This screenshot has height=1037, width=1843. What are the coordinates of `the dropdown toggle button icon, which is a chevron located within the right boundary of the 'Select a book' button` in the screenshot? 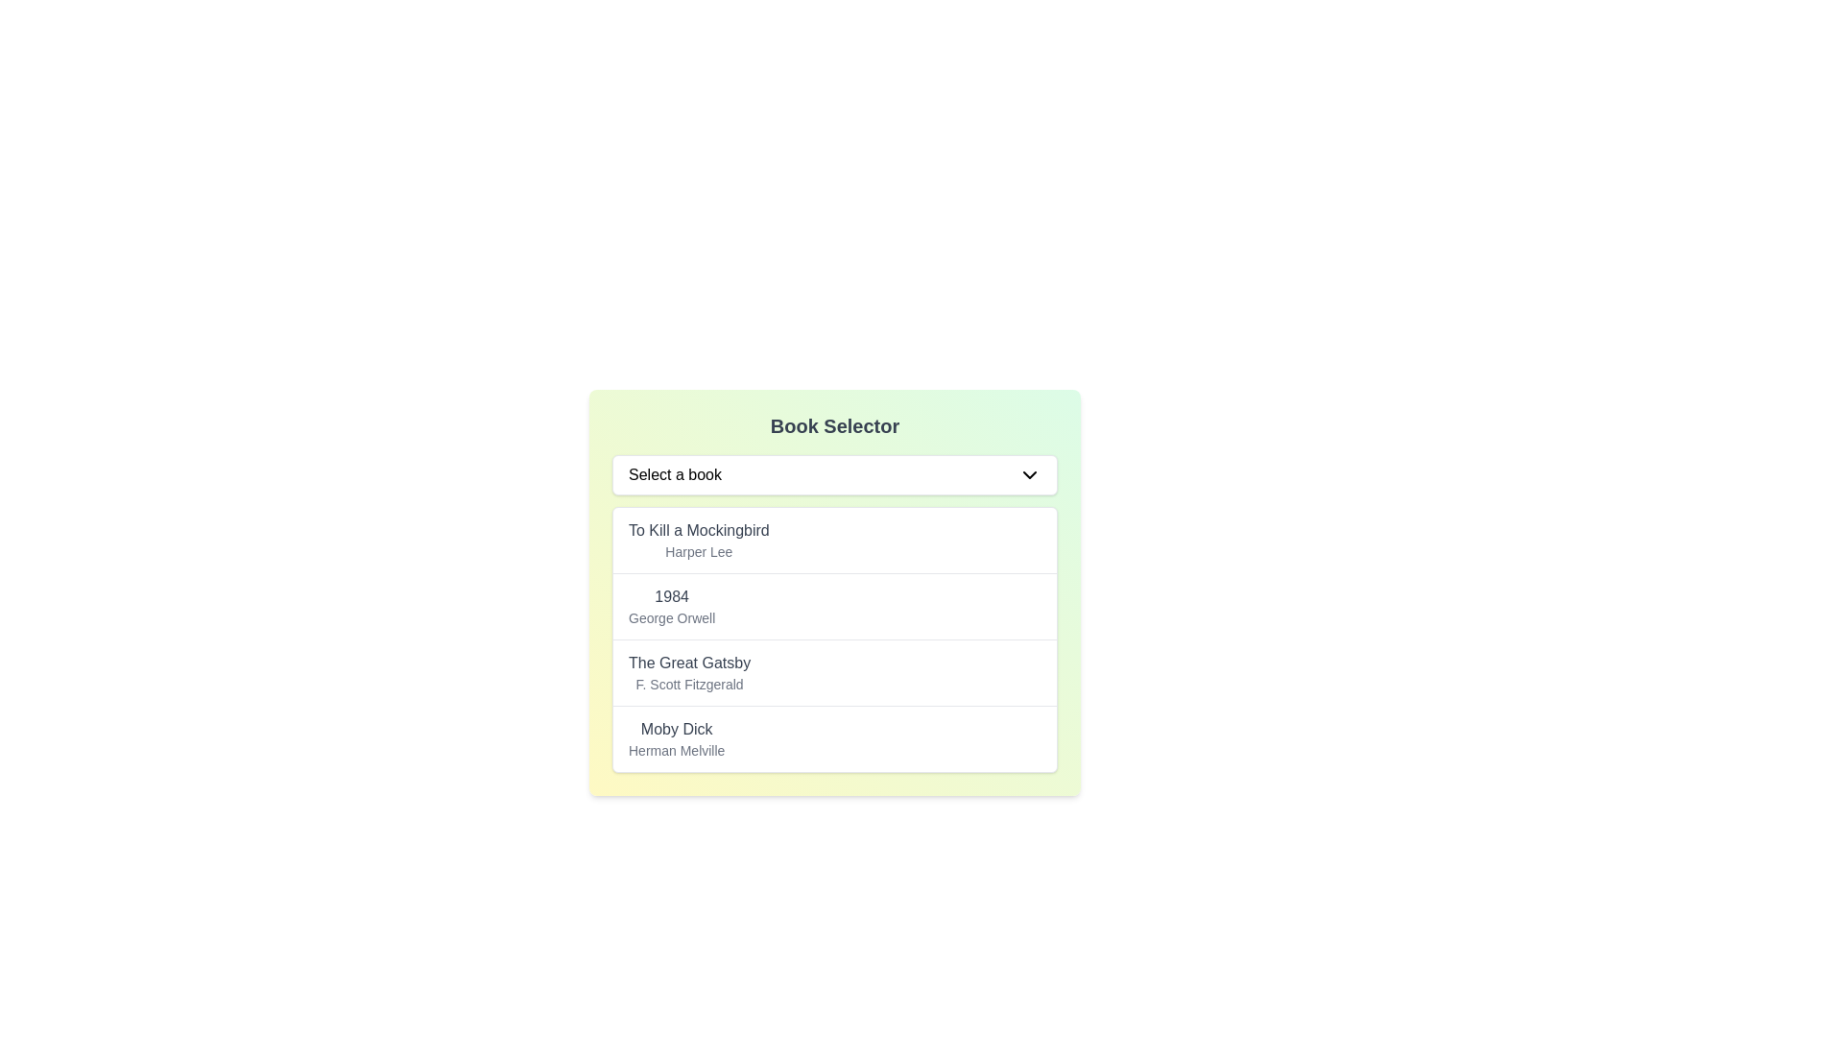 It's located at (1029, 474).